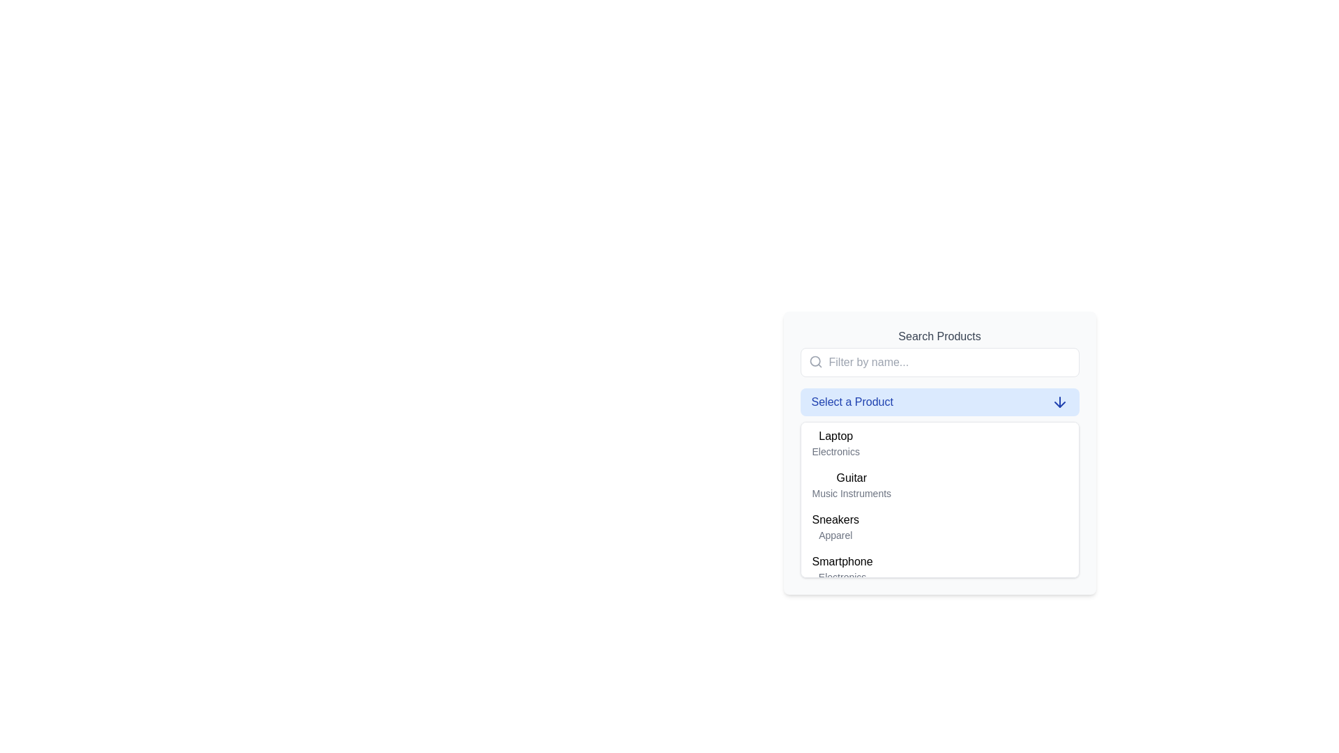 Image resolution: width=1339 pixels, height=753 pixels. I want to click on the 'Sneakers' option in the dropdown menu under 'Search Products', so click(939, 527).